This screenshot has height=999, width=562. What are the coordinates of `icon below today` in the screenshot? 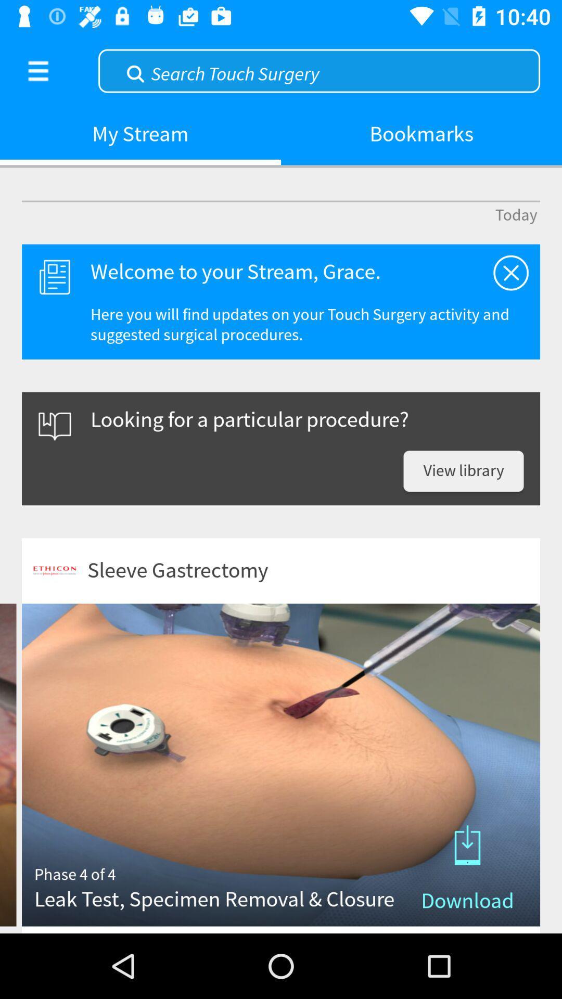 It's located at (510, 273).